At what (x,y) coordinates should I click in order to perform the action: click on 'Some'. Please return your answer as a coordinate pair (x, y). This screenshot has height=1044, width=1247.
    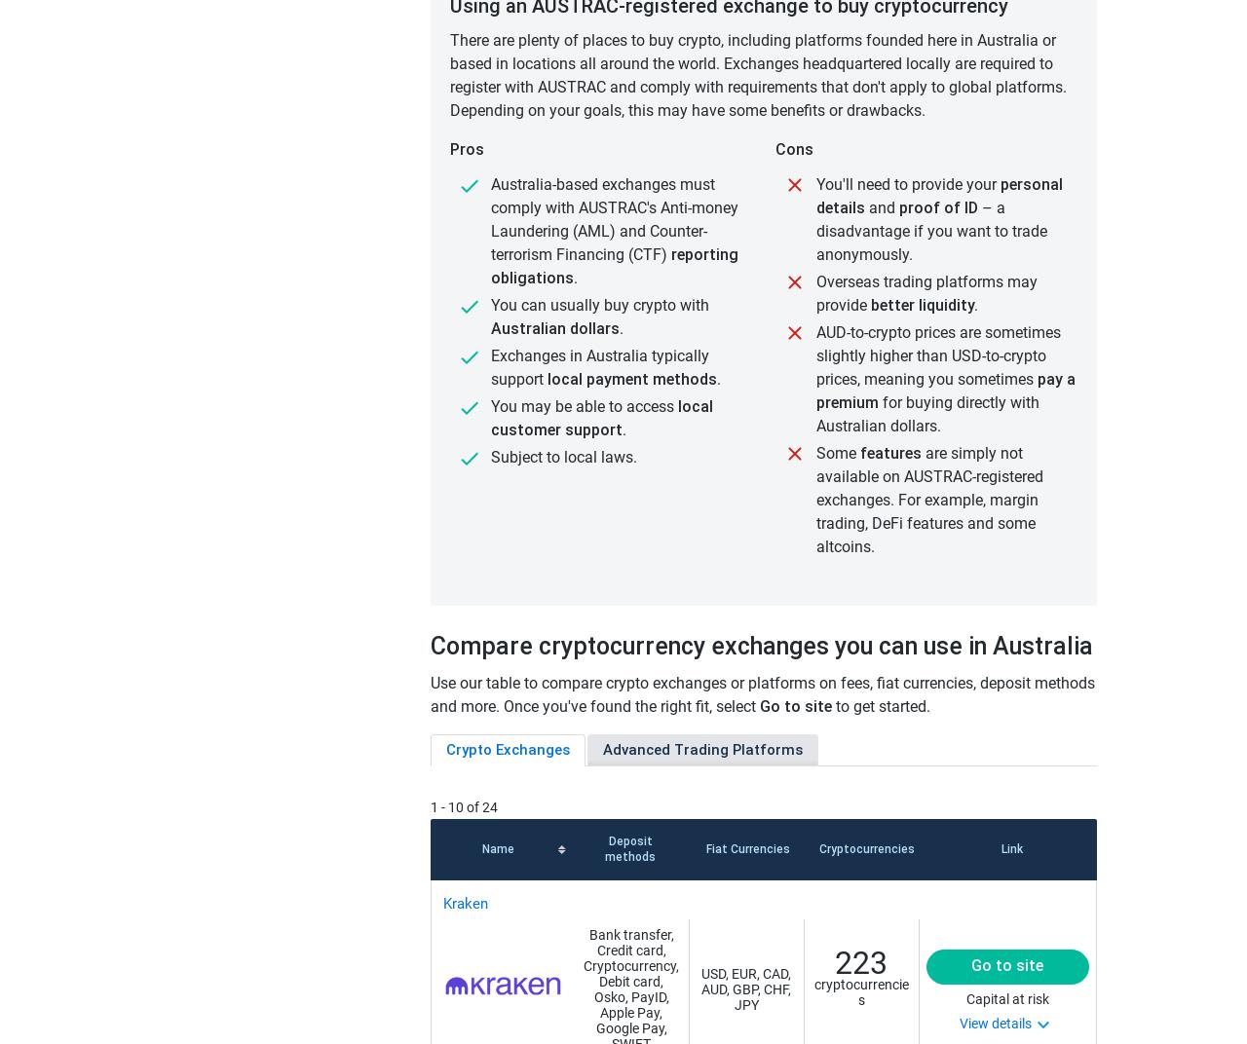
    Looking at the image, I should click on (816, 452).